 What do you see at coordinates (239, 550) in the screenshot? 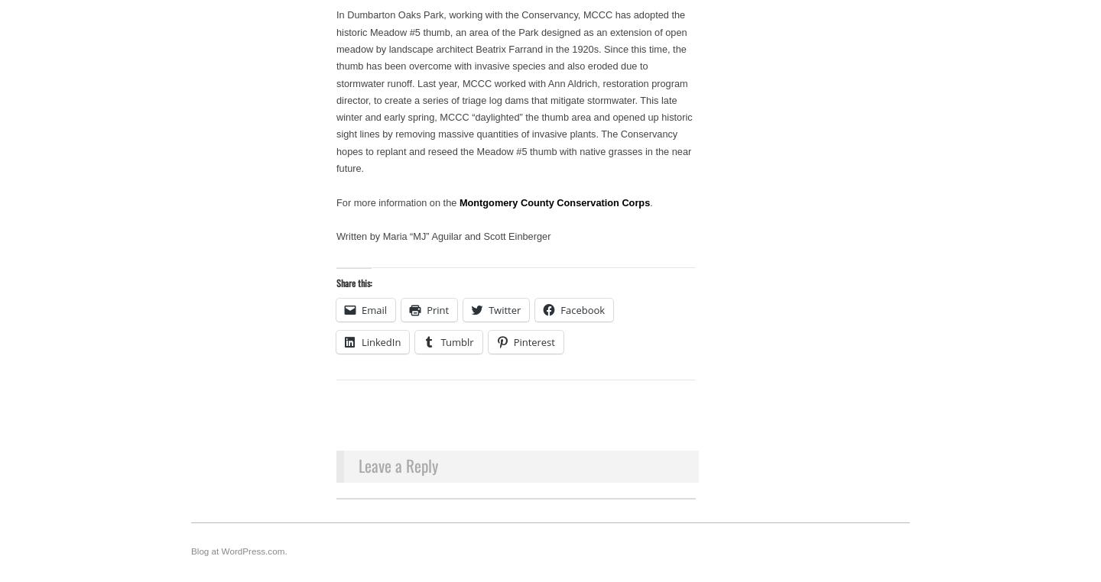
I see `'Blog at WordPress.com.'` at bounding box center [239, 550].